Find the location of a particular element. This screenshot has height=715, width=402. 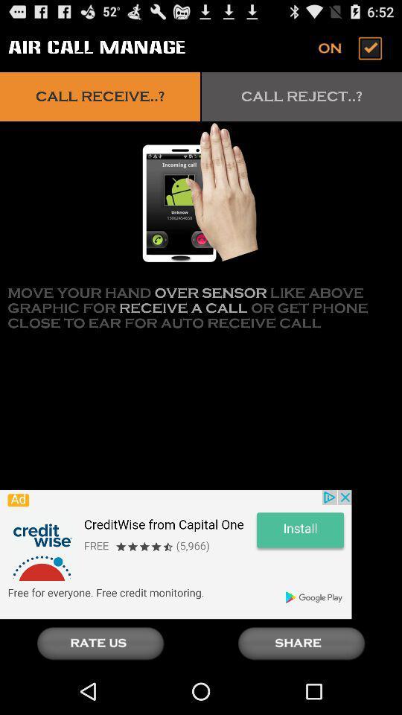

rate us is located at coordinates (100, 643).